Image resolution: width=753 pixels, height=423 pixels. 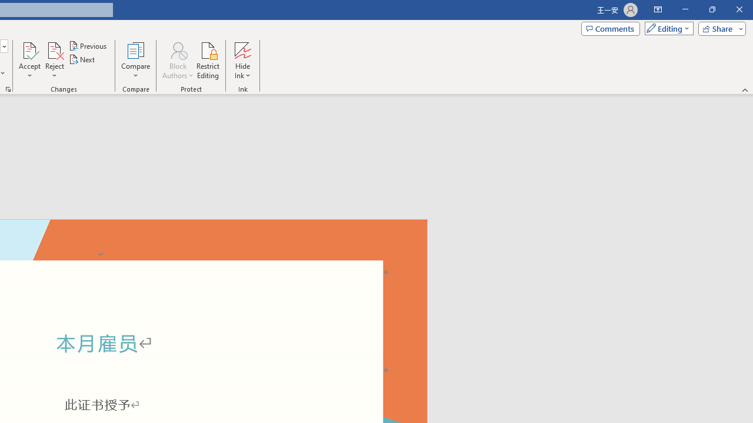 What do you see at coordinates (54, 61) in the screenshot?
I see `'Reject'` at bounding box center [54, 61].